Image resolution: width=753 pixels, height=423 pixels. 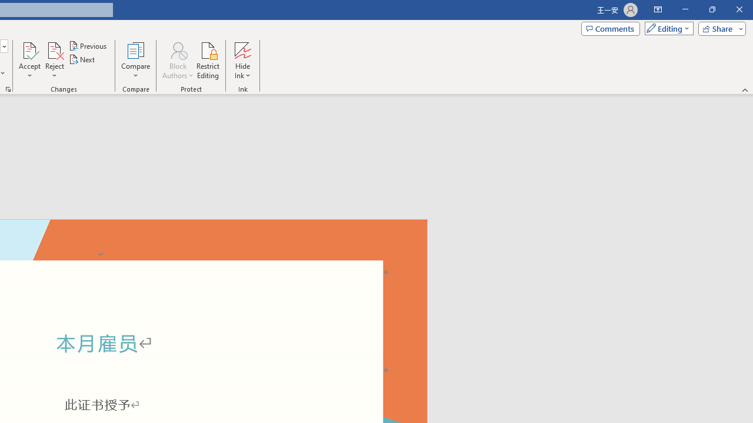 What do you see at coordinates (54, 61) in the screenshot?
I see `'Reject'` at bounding box center [54, 61].